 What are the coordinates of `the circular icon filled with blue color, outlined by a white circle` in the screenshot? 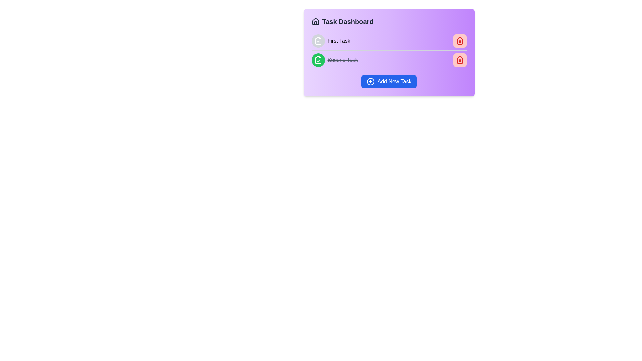 It's located at (370, 81).